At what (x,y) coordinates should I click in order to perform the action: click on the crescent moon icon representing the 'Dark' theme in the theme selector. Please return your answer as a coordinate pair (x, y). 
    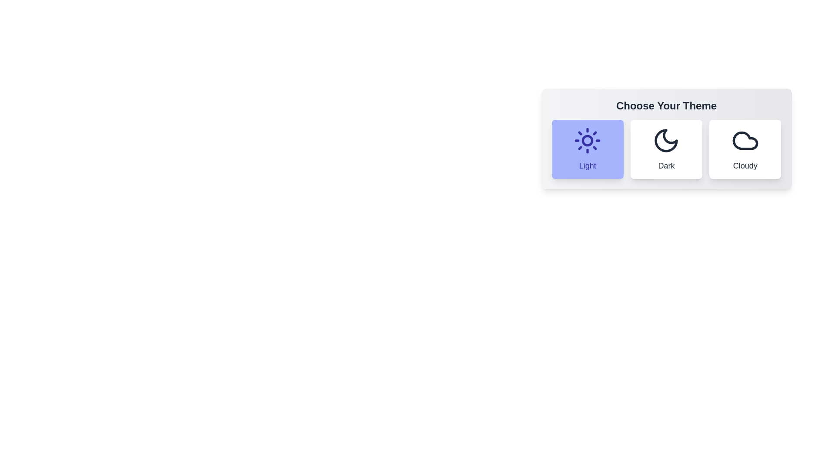
    Looking at the image, I should click on (666, 140).